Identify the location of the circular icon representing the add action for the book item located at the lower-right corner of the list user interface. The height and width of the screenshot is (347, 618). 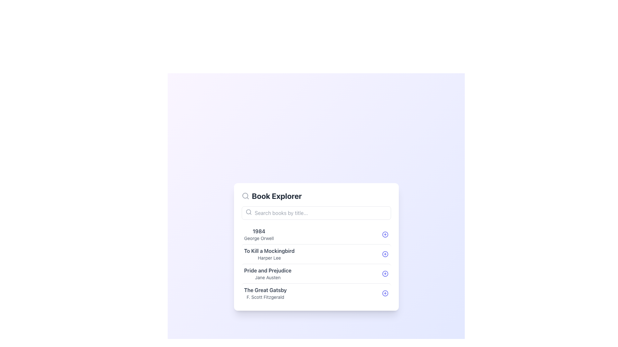
(385, 293).